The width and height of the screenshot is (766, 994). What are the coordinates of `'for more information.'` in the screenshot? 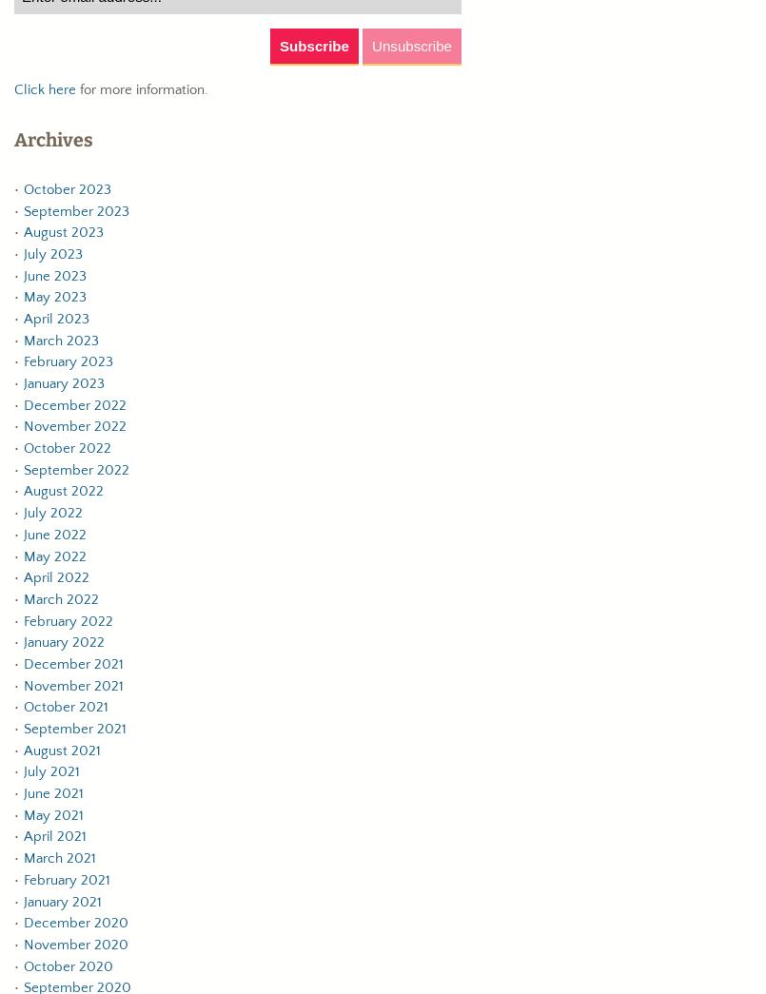 It's located at (142, 89).